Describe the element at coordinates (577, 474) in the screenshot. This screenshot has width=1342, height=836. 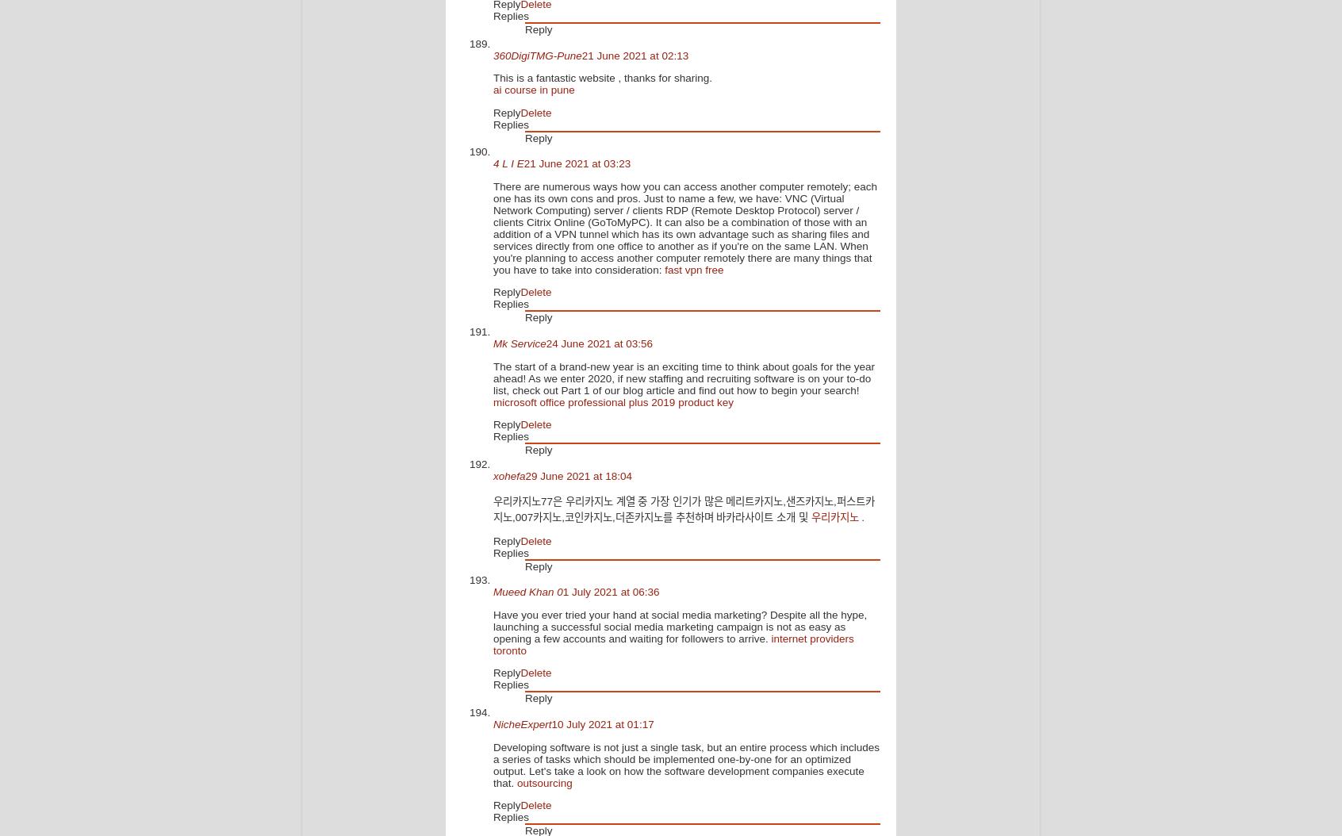
I see `'29 June 2021 at 18:04'` at that location.